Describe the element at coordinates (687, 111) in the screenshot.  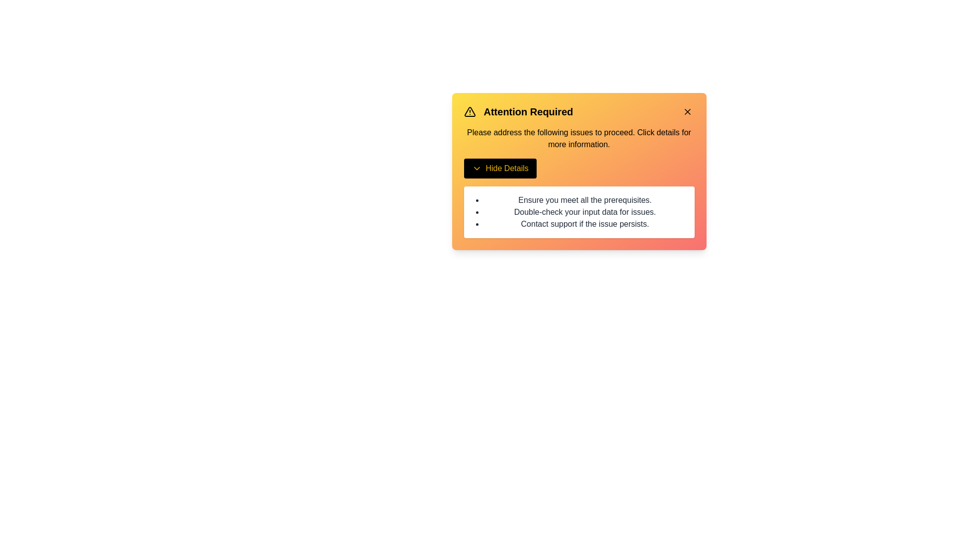
I see `the close button to dismiss the alert` at that location.